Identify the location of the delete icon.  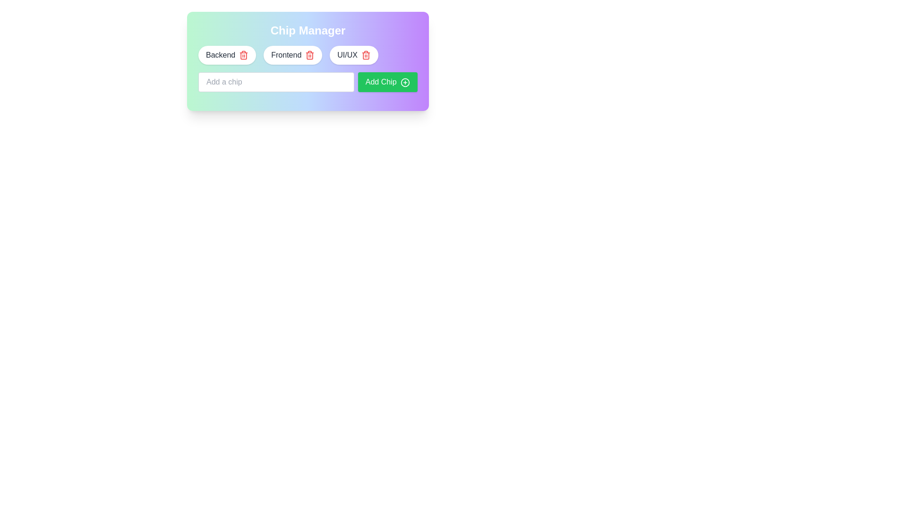
(310, 55).